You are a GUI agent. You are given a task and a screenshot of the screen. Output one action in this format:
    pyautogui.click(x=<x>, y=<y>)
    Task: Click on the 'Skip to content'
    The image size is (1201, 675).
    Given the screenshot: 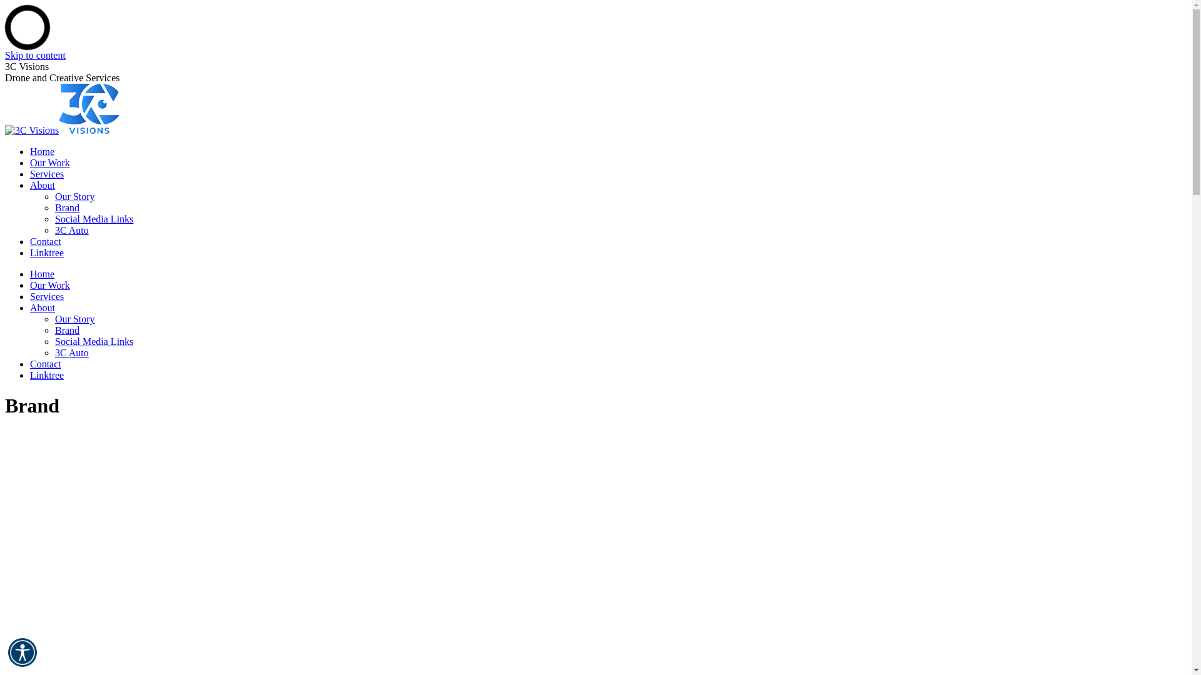 What is the action you would take?
    pyautogui.click(x=35, y=54)
    